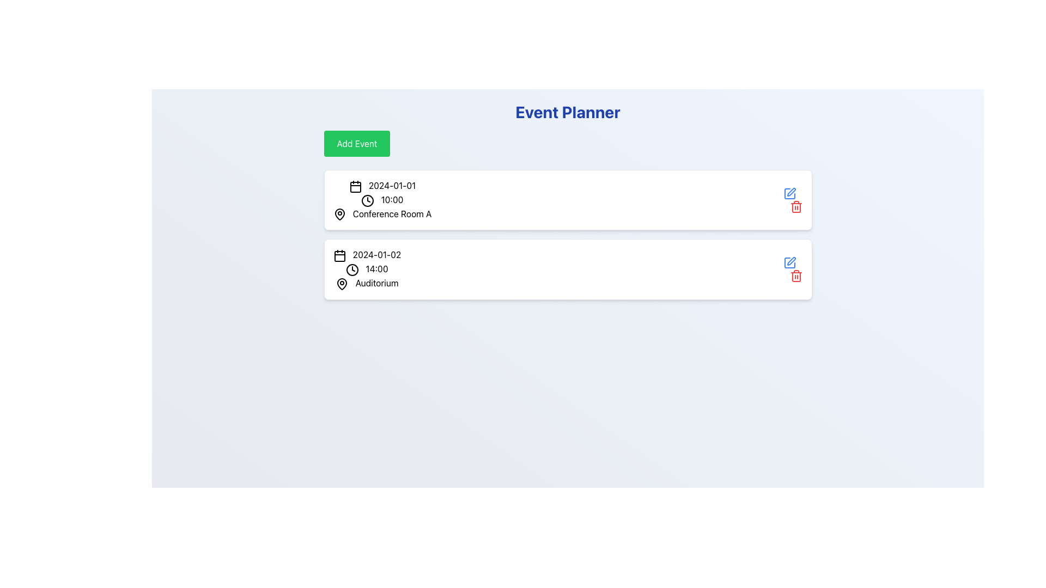 This screenshot has width=1046, height=588. I want to click on the hollow circular shape with a black stroke and white fill located within the clock icon of the second event card, so click(352, 269).